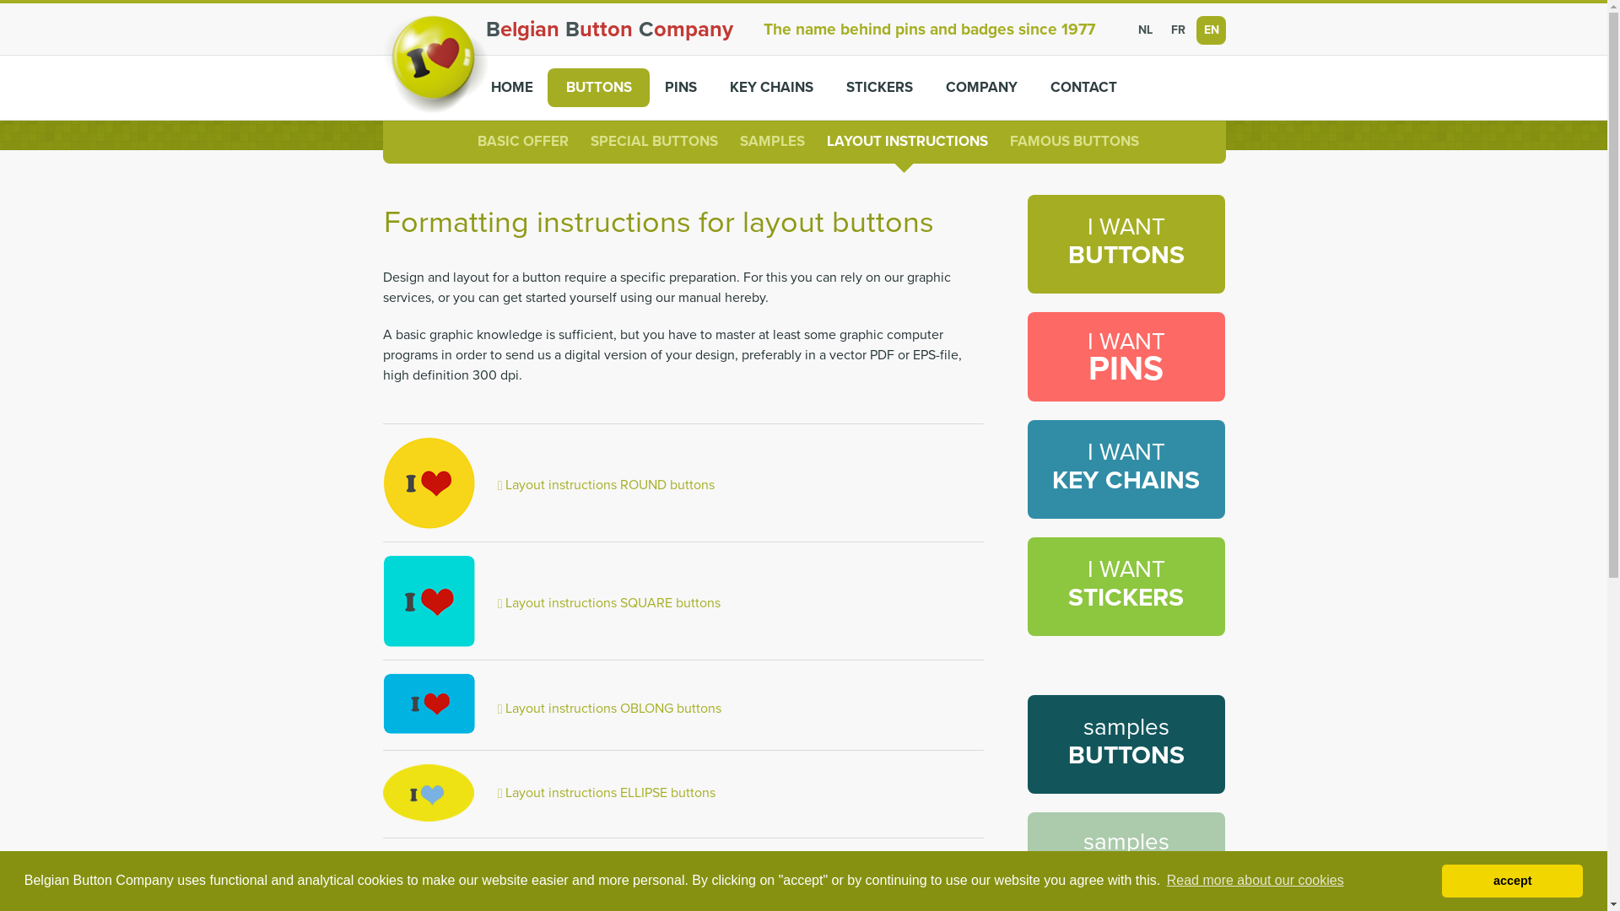 The height and width of the screenshot is (911, 1620). What do you see at coordinates (1009, 141) in the screenshot?
I see `'FAMOUS BUTTONS'` at bounding box center [1009, 141].